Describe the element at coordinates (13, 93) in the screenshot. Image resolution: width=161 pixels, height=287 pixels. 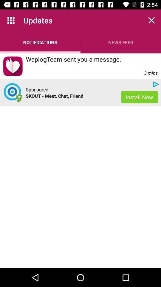
I see `icon next to the sponsored item` at that location.